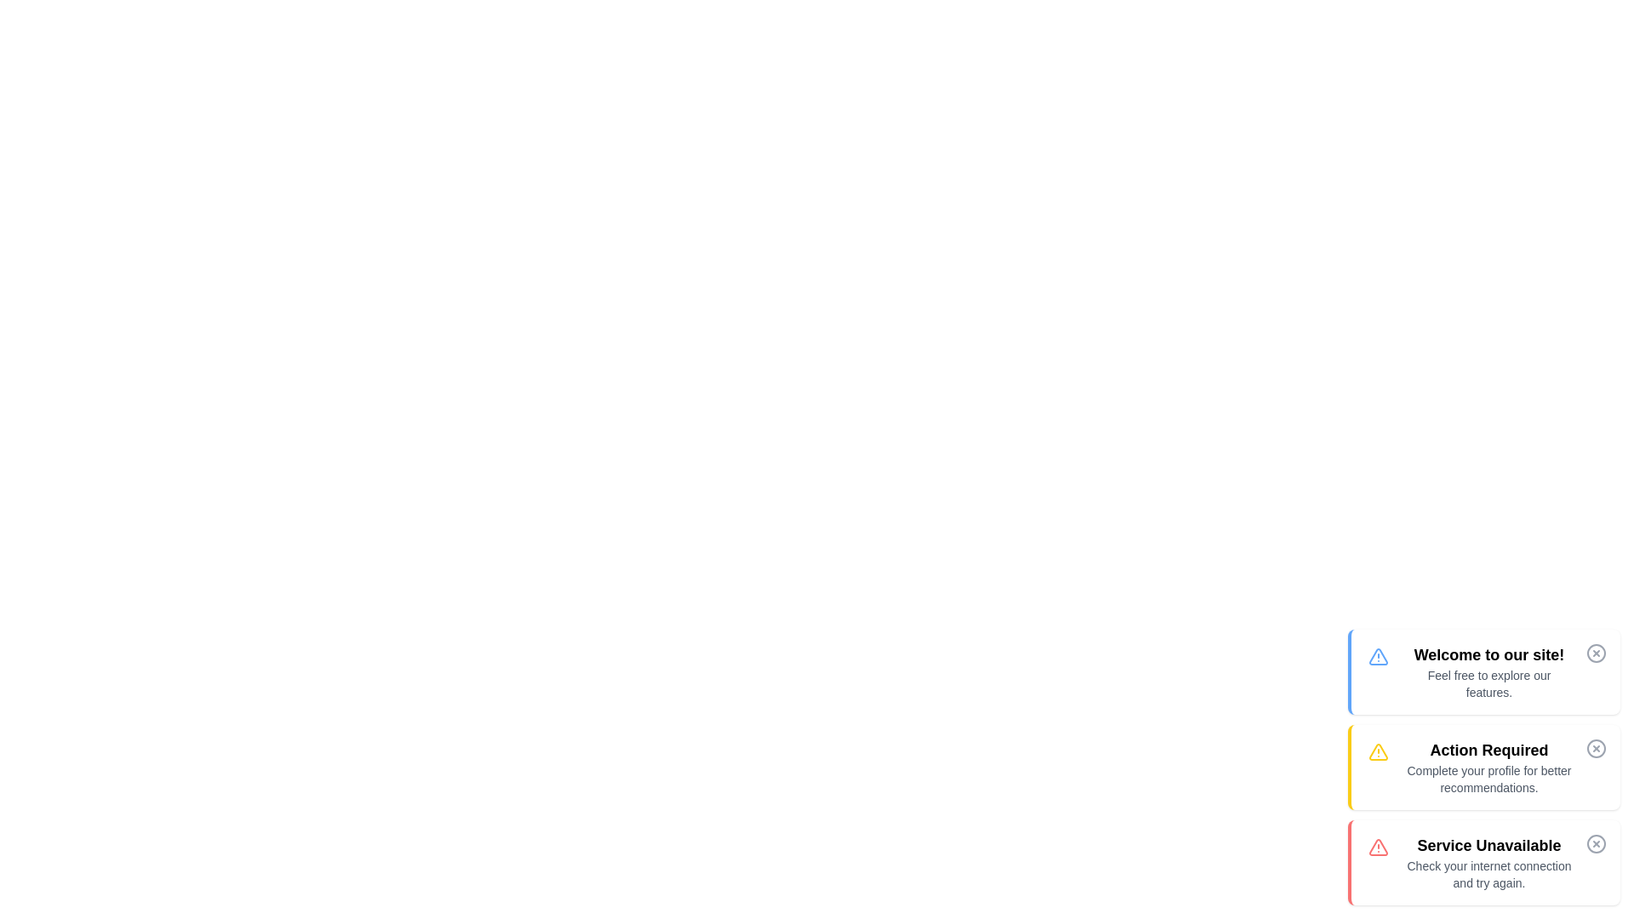 The image size is (1634, 919). What do you see at coordinates (1596, 747) in the screenshot?
I see `the close button located at the top-right corner of the 'Action Required' notification card to change its color` at bounding box center [1596, 747].